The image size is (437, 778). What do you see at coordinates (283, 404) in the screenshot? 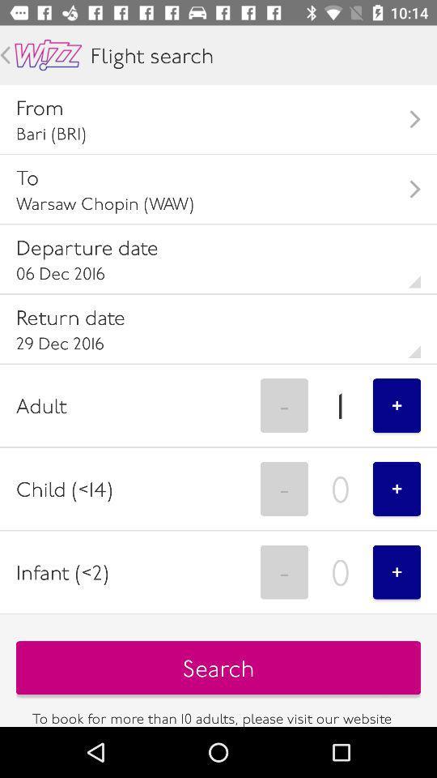
I see `icon next to 1 item` at bounding box center [283, 404].